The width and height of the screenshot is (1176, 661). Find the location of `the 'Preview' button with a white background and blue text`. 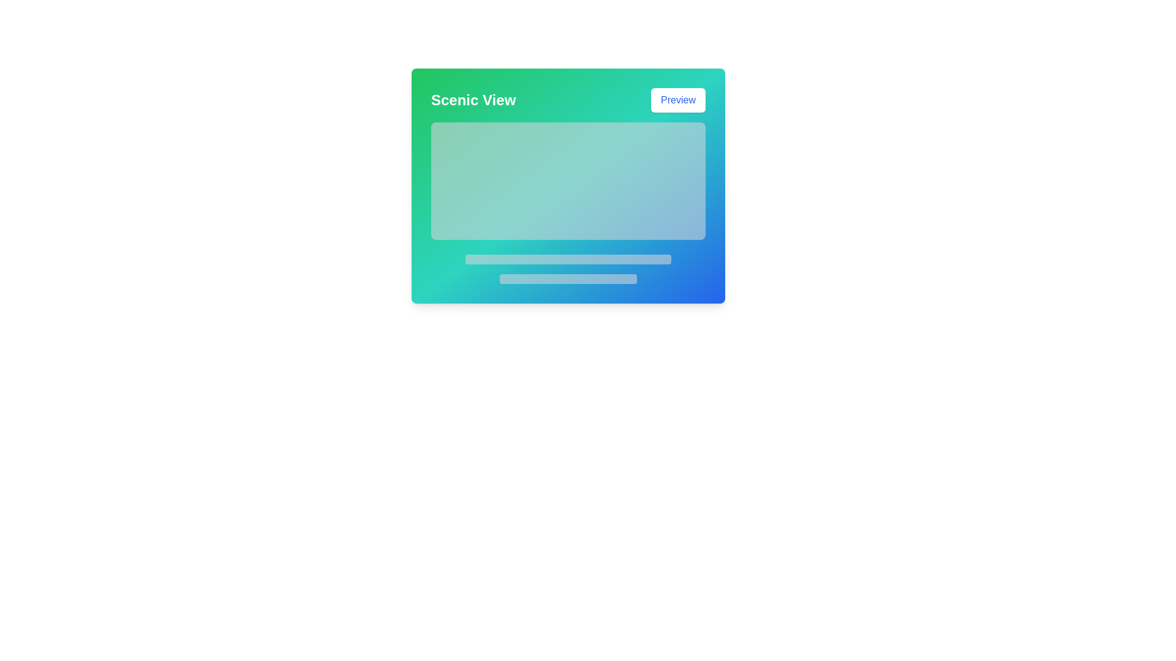

the 'Preview' button with a white background and blue text is located at coordinates (677, 100).